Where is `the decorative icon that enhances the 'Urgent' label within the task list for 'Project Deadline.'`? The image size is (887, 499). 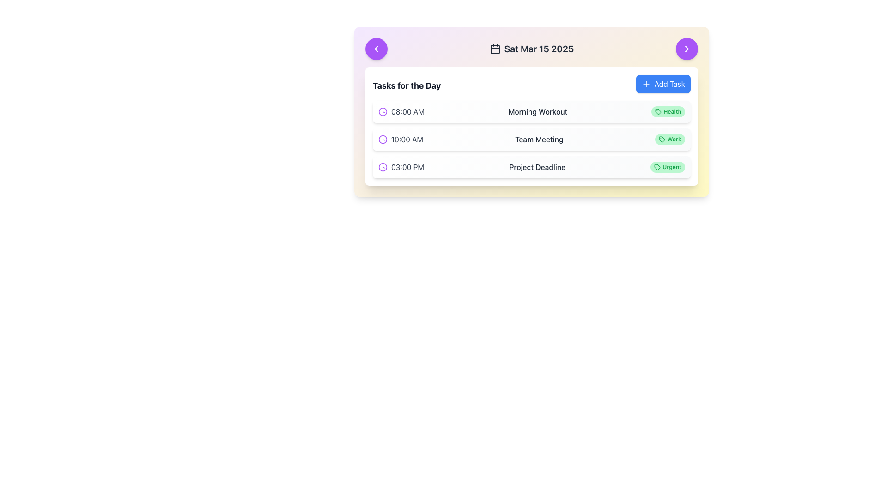 the decorative icon that enhances the 'Urgent' label within the task list for 'Project Deadline.' is located at coordinates (657, 167).